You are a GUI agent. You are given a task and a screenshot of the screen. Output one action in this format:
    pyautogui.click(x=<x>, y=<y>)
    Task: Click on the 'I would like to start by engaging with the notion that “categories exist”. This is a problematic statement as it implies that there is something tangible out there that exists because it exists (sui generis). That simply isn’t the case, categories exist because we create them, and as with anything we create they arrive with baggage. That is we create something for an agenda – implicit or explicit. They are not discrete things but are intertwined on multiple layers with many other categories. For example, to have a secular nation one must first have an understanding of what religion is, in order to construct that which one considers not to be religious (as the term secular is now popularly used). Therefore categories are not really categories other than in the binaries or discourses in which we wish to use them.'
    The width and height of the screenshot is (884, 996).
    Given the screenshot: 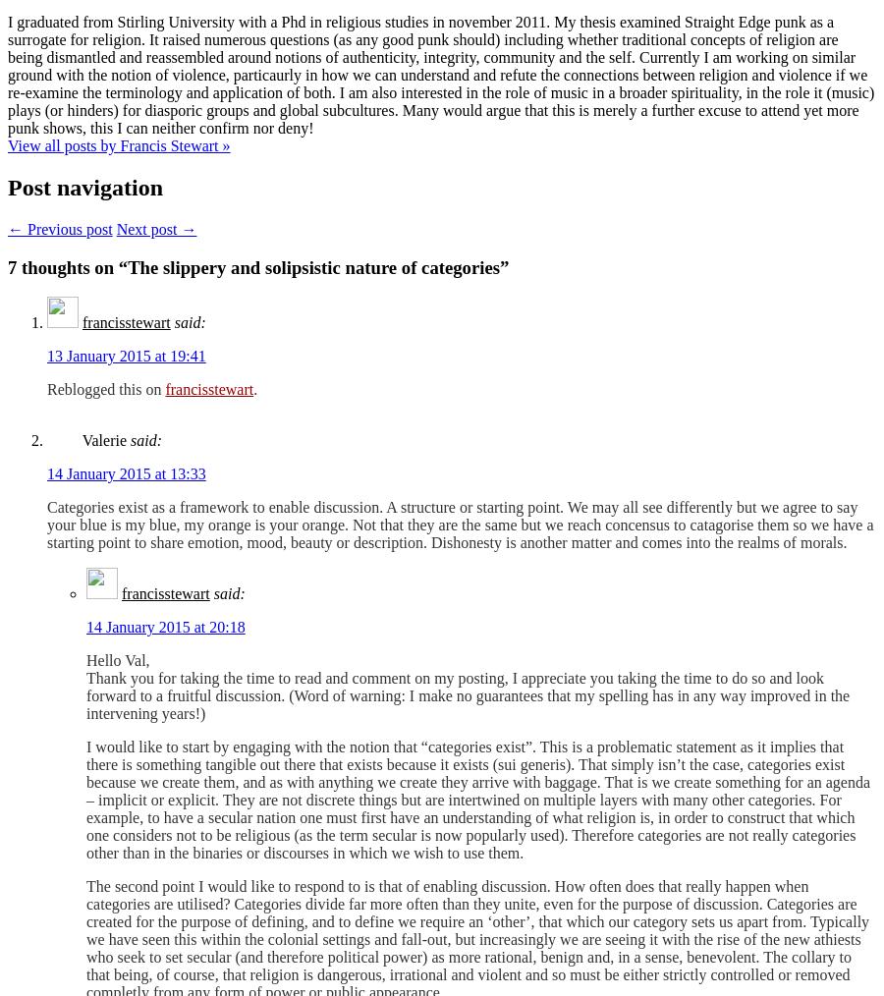 What is the action you would take?
    pyautogui.click(x=476, y=800)
    